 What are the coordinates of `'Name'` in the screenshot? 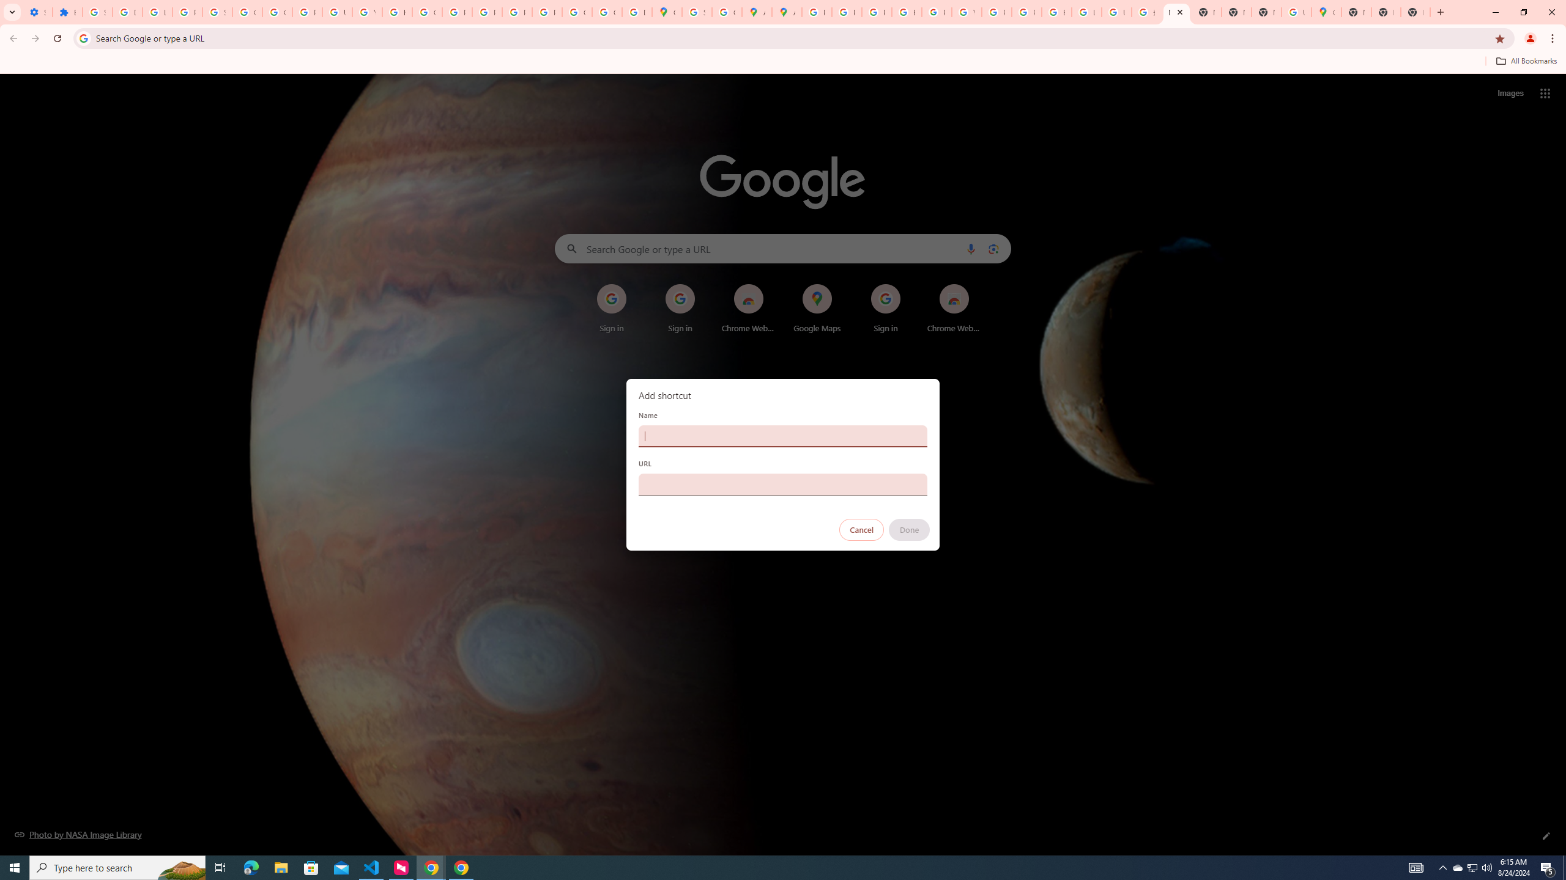 It's located at (783, 435).